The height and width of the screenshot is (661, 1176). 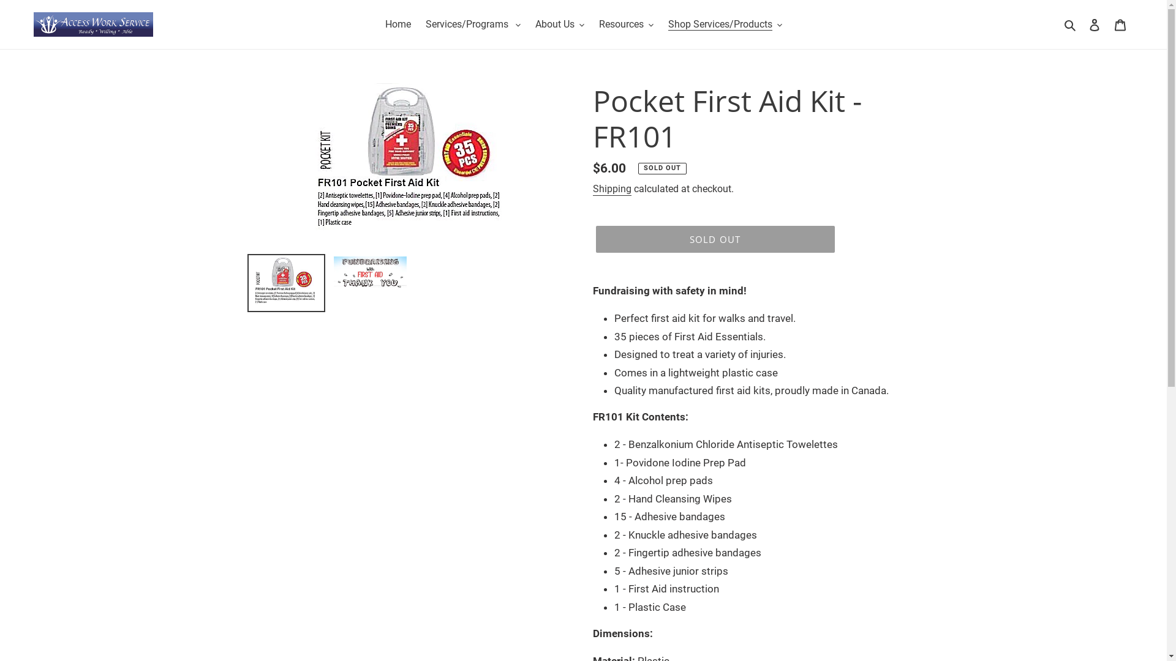 What do you see at coordinates (626, 24) in the screenshot?
I see `'Resources'` at bounding box center [626, 24].